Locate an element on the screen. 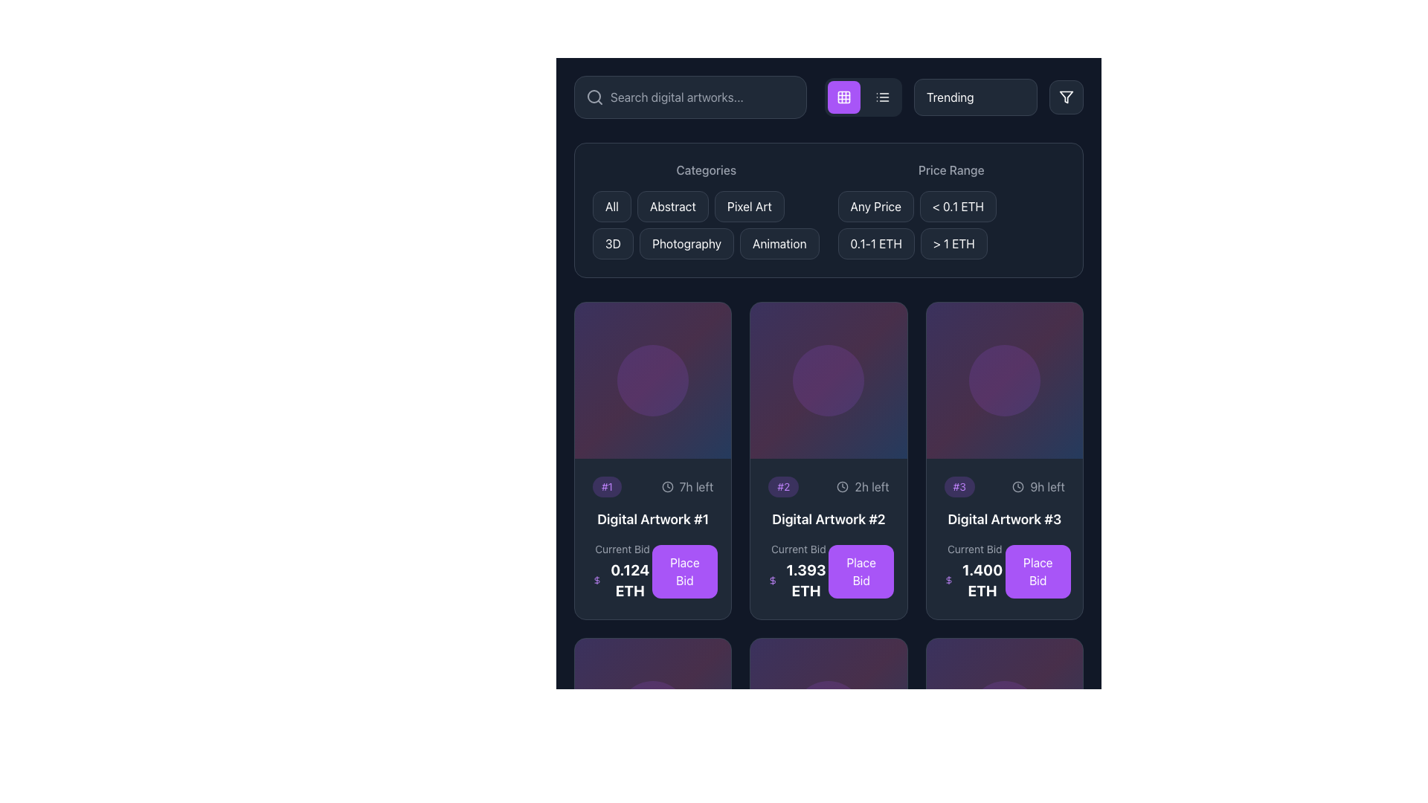 The height and width of the screenshot is (803, 1428). the layout toggle button located at the top center of the interface, situated between the search bar and the filter icon, to change the display layout to grid view is located at coordinates (843, 97).